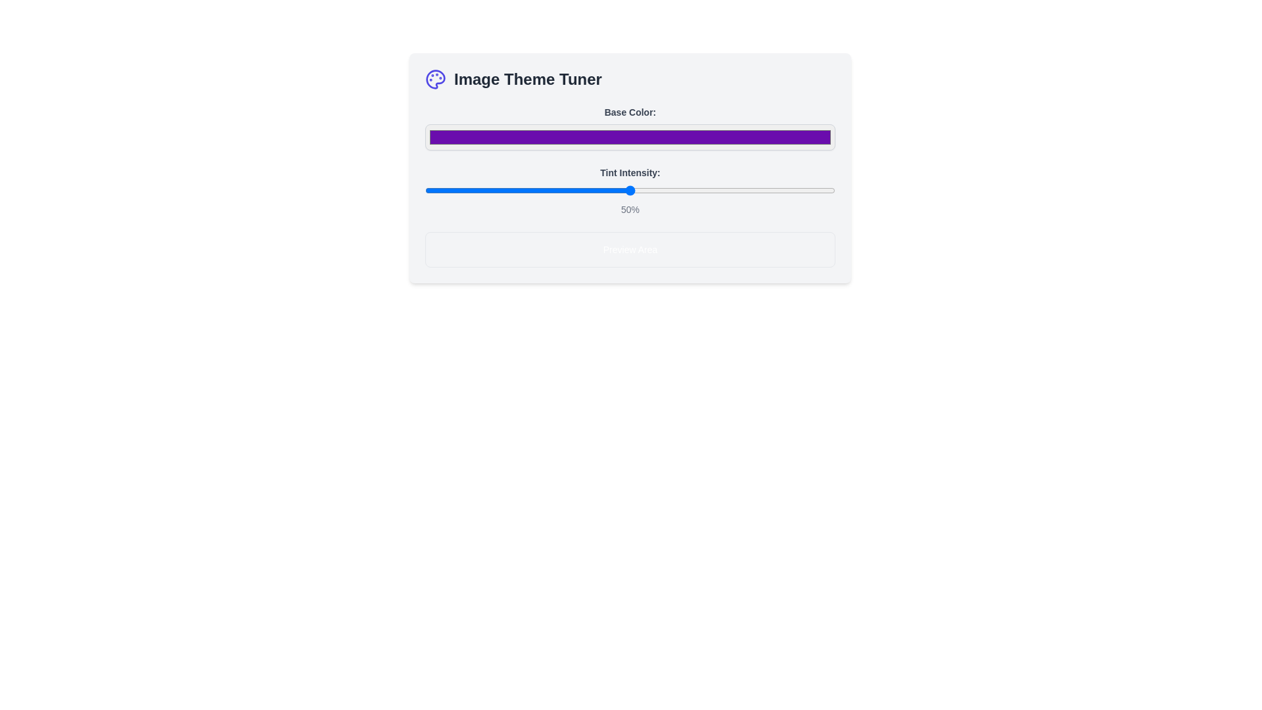 The image size is (1262, 710). What do you see at coordinates (630, 167) in the screenshot?
I see `the central control panel element to modify image theme settings such as base color and tint intensity` at bounding box center [630, 167].